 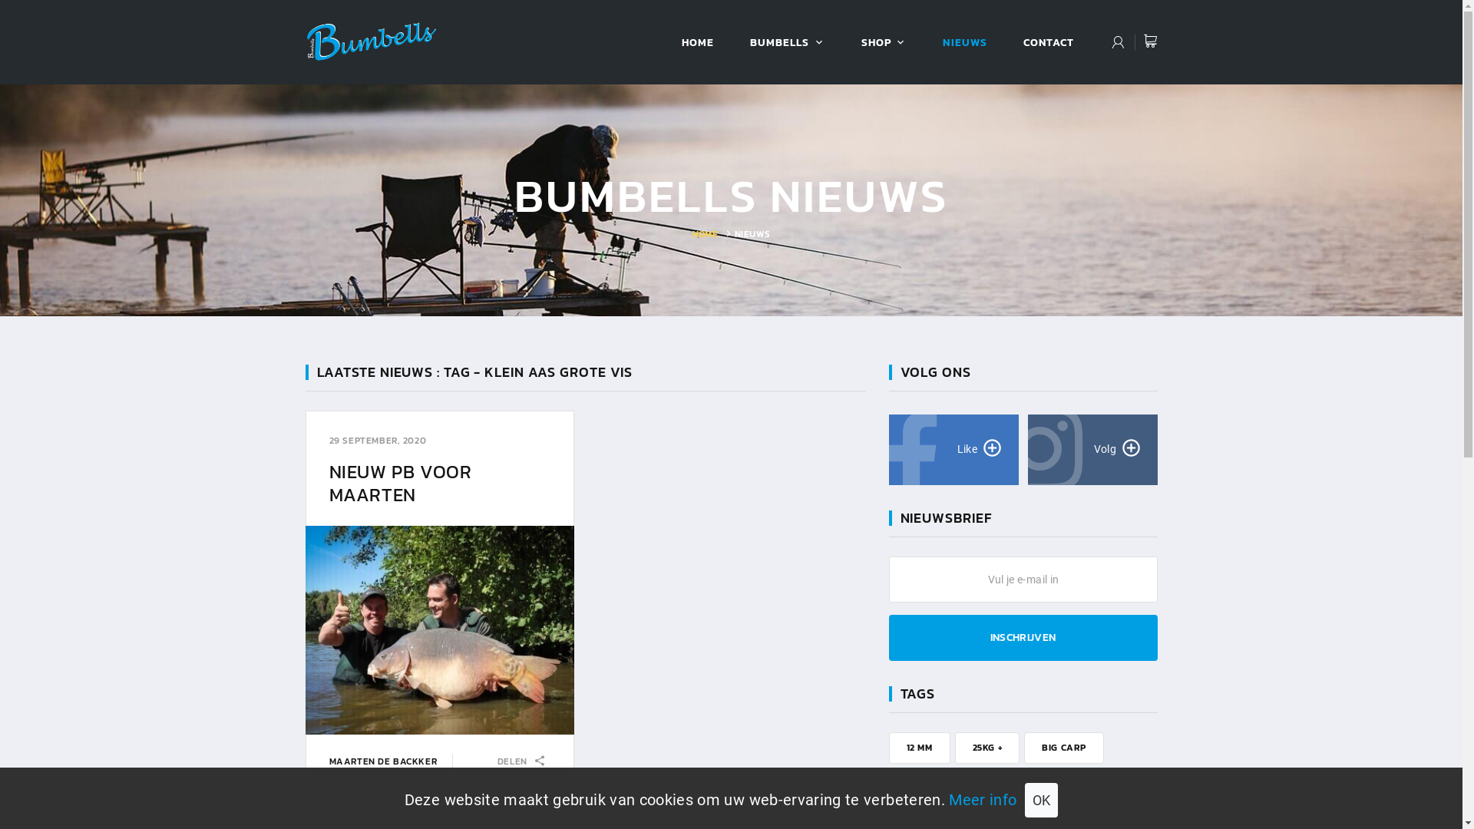 I want to click on 'SHOP', so click(x=876, y=42).